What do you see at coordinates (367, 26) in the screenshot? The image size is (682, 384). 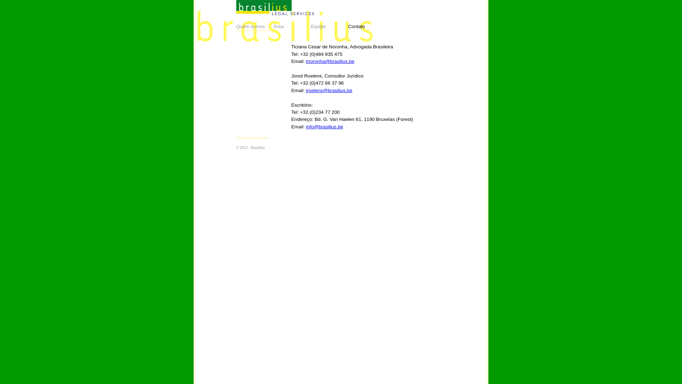 I see `'Contato'` at bounding box center [367, 26].